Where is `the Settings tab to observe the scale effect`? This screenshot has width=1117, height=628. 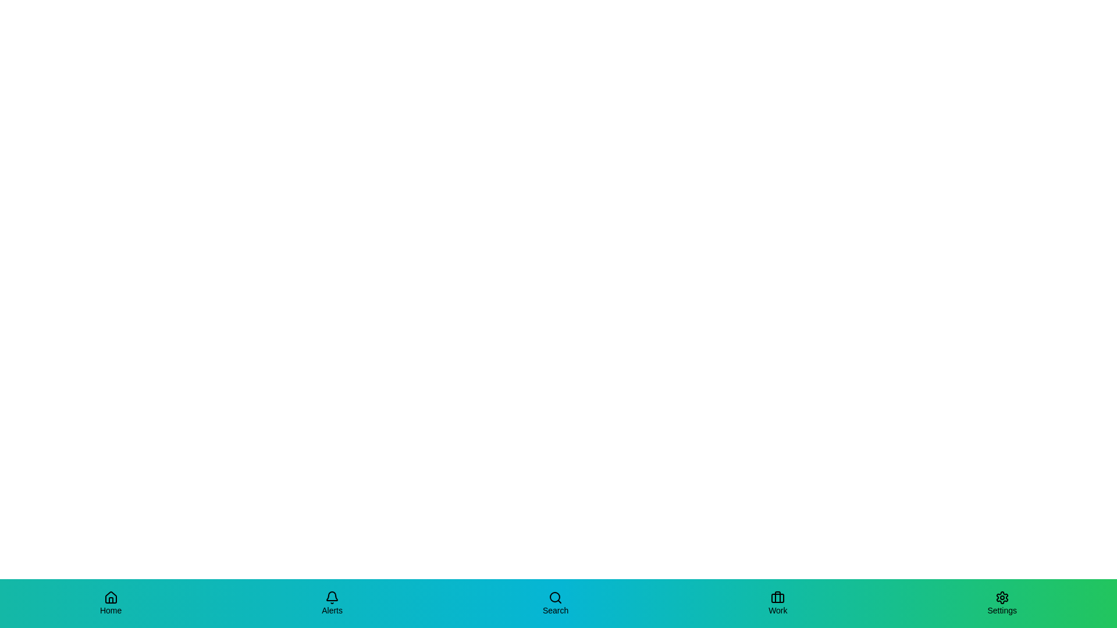 the Settings tab to observe the scale effect is located at coordinates (1001, 602).